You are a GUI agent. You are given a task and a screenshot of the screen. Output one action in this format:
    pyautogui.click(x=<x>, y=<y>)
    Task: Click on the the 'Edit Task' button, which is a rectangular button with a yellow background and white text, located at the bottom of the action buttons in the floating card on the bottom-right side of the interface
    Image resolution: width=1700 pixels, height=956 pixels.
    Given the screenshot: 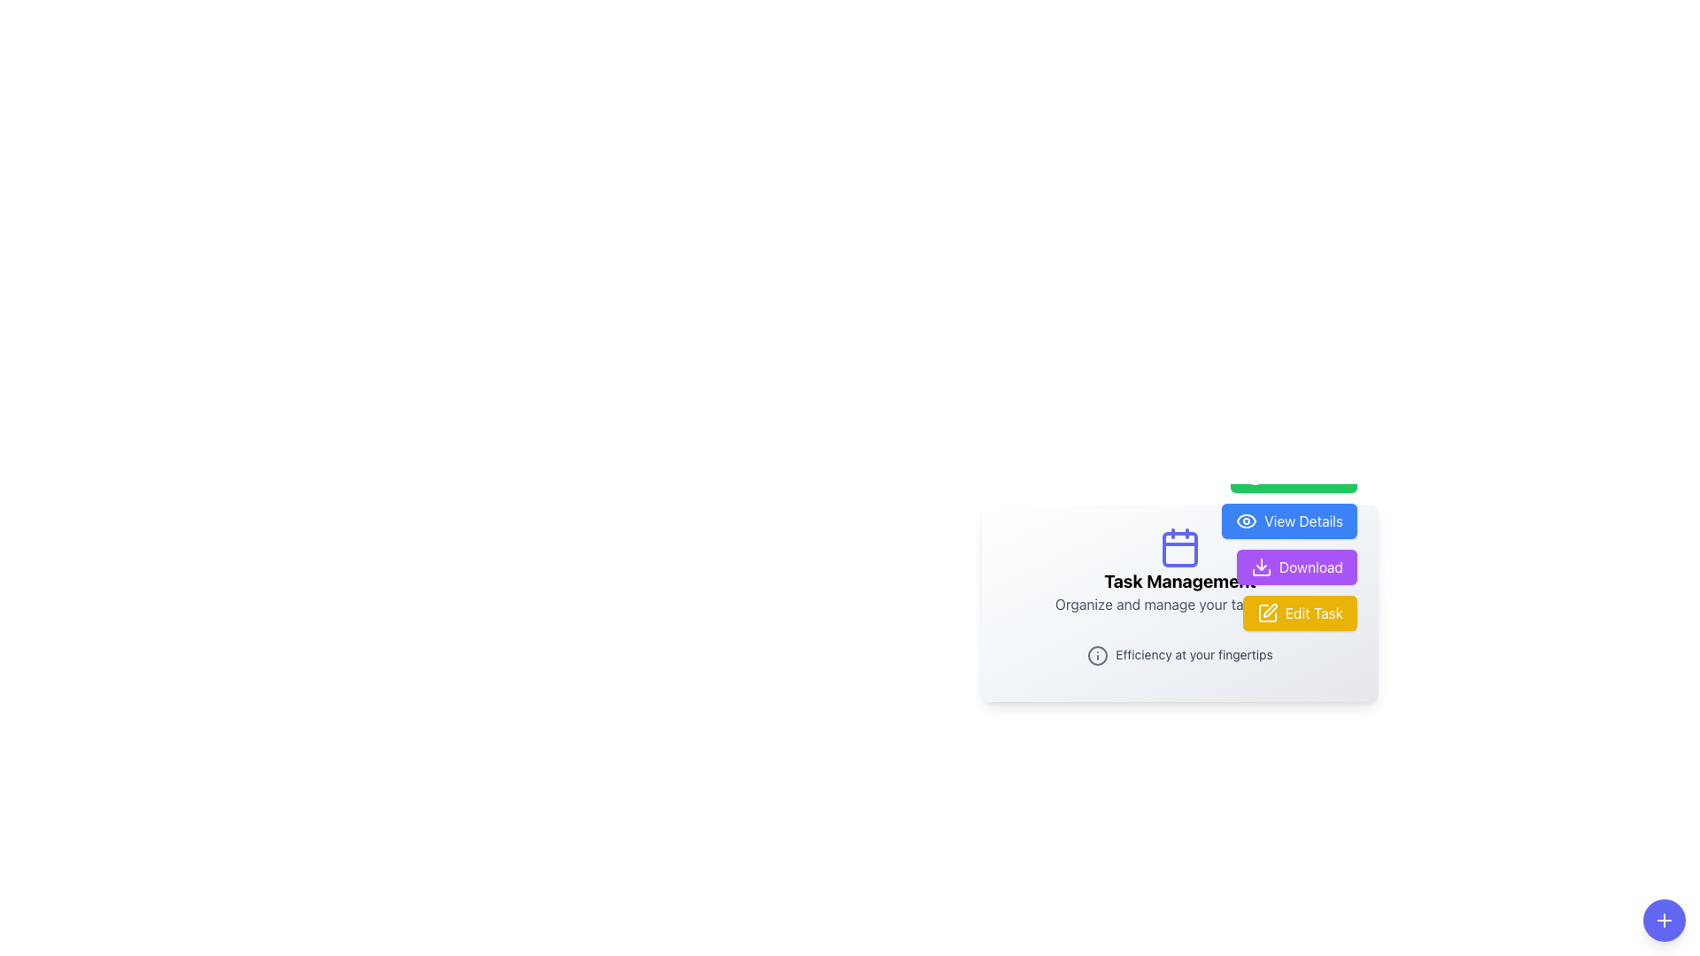 What is the action you would take?
    pyautogui.click(x=1300, y=612)
    